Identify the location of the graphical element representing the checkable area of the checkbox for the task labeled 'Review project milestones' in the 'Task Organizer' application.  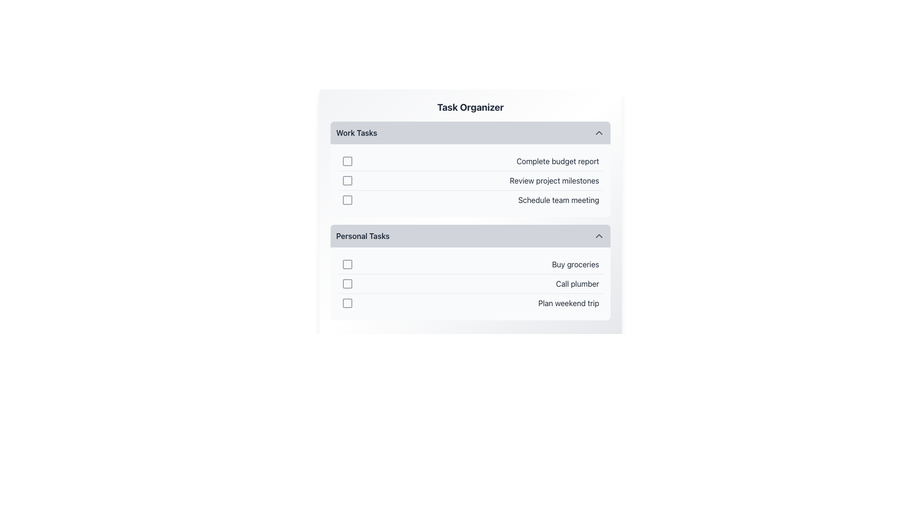
(347, 180).